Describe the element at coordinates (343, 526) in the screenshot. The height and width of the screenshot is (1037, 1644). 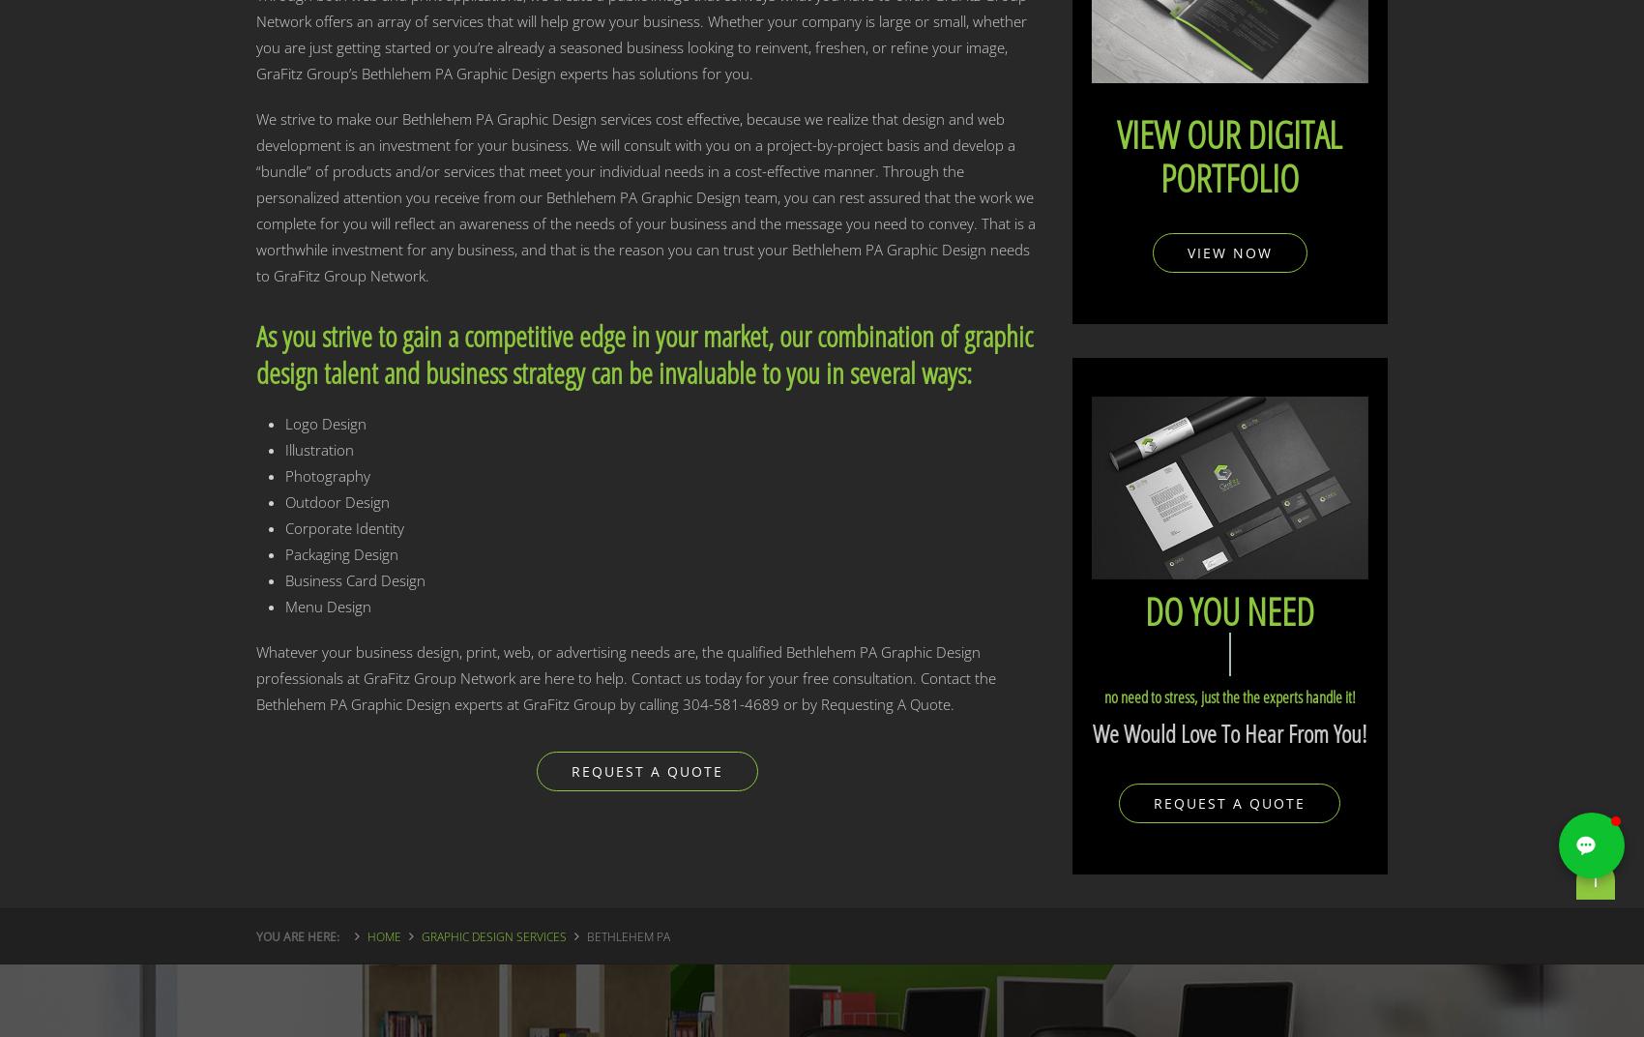
I see `'Corporate Identity'` at that location.